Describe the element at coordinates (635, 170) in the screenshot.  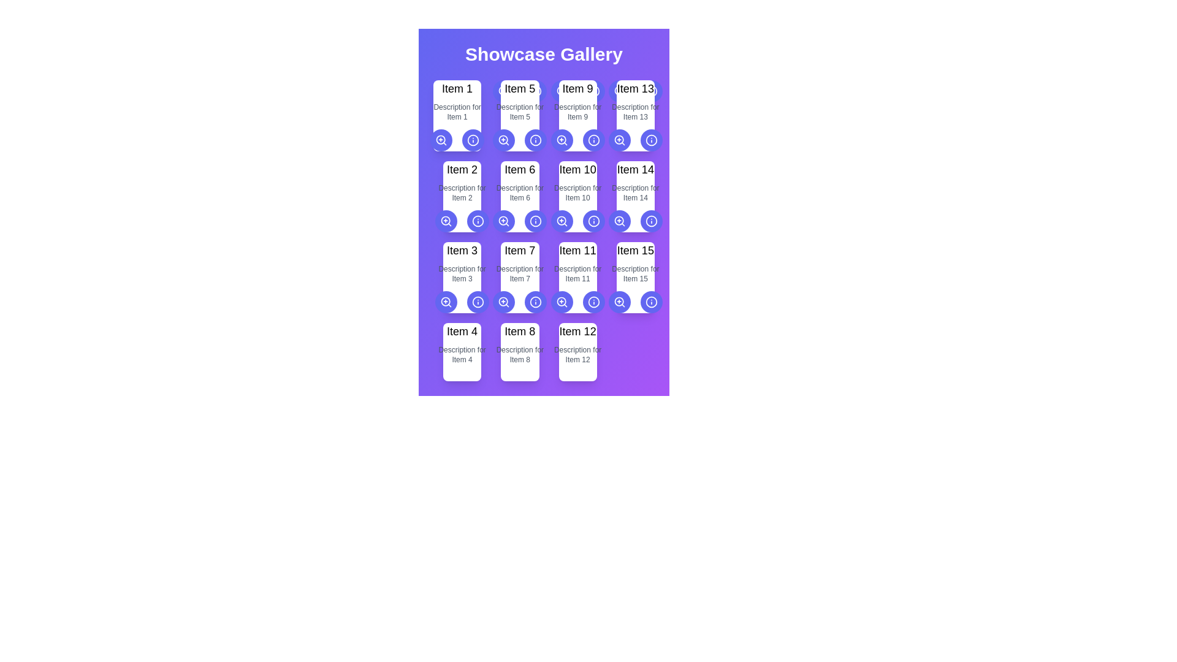
I see `text label 'Item 14' displayed in bold black color, centered within the card in the fourth row and fourth column of the Showcase Gallery section` at that location.